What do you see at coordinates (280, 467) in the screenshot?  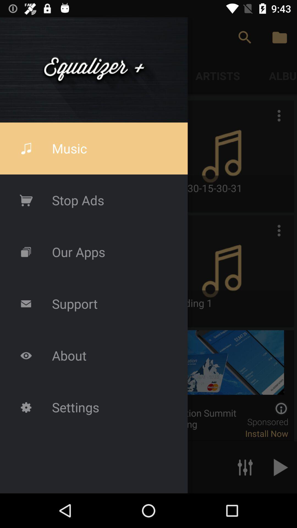 I see `the play icon` at bounding box center [280, 467].